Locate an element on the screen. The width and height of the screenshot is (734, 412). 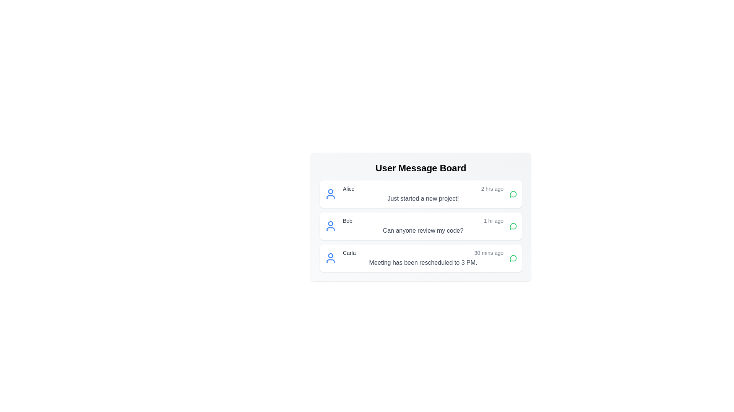
the user icon corresponding to Alice is located at coordinates (330, 194).